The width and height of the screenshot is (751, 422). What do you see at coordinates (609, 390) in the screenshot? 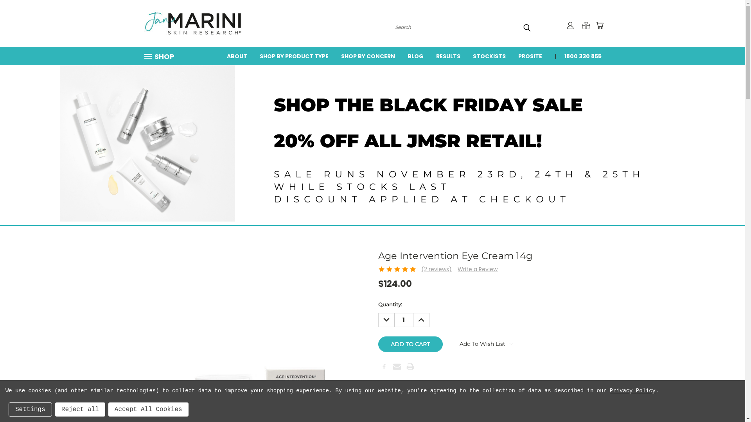
I see `'Privacy Policy'` at bounding box center [609, 390].